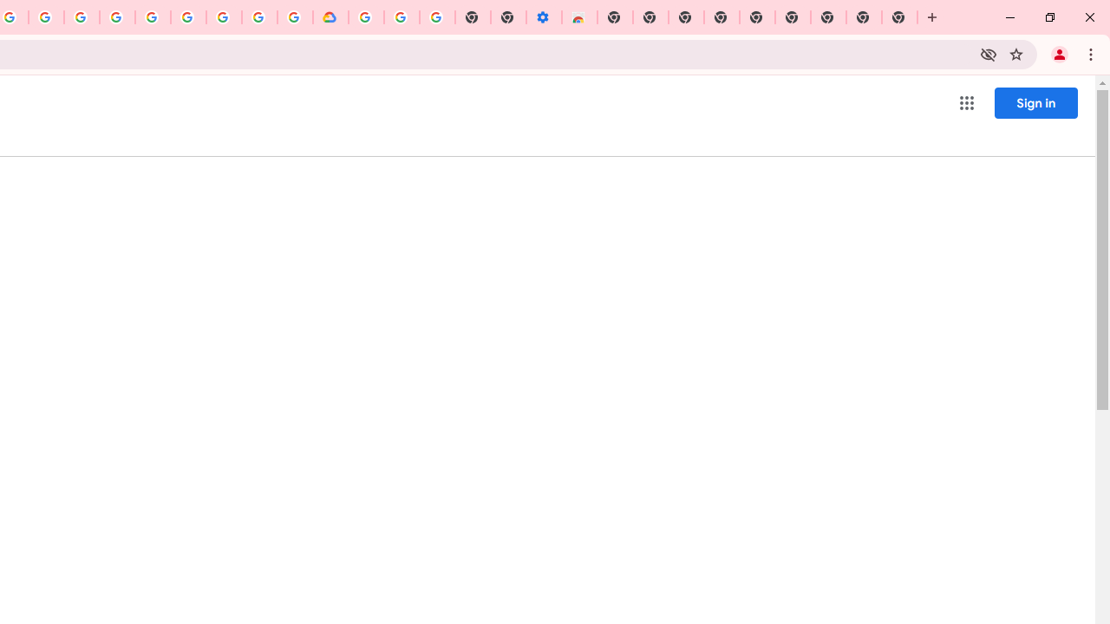 The width and height of the screenshot is (1110, 624). I want to click on 'Browse the Google Chrome Community - Google Chrome Community', so click(295, 17).